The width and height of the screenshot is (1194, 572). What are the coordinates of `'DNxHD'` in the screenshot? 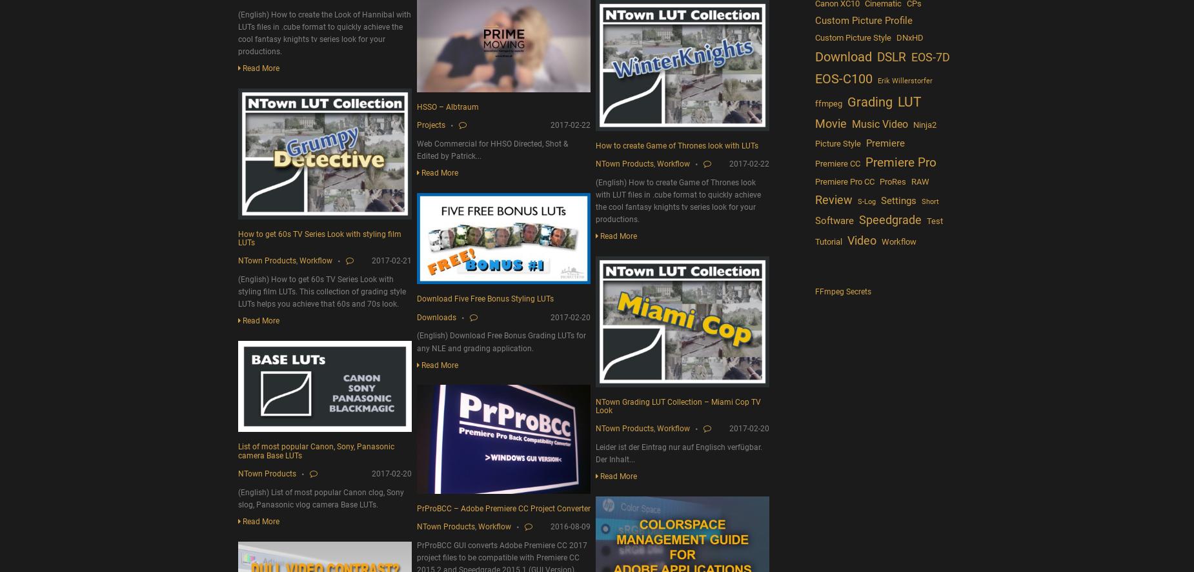 It's located at (896, 36).